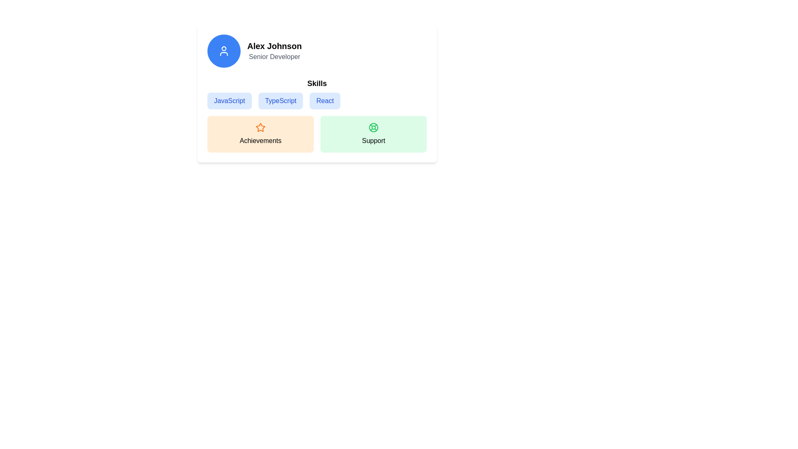 This screenshot has height=449, width=798. I want to click on the support button located in the right column of the interface, so click(373, 134).